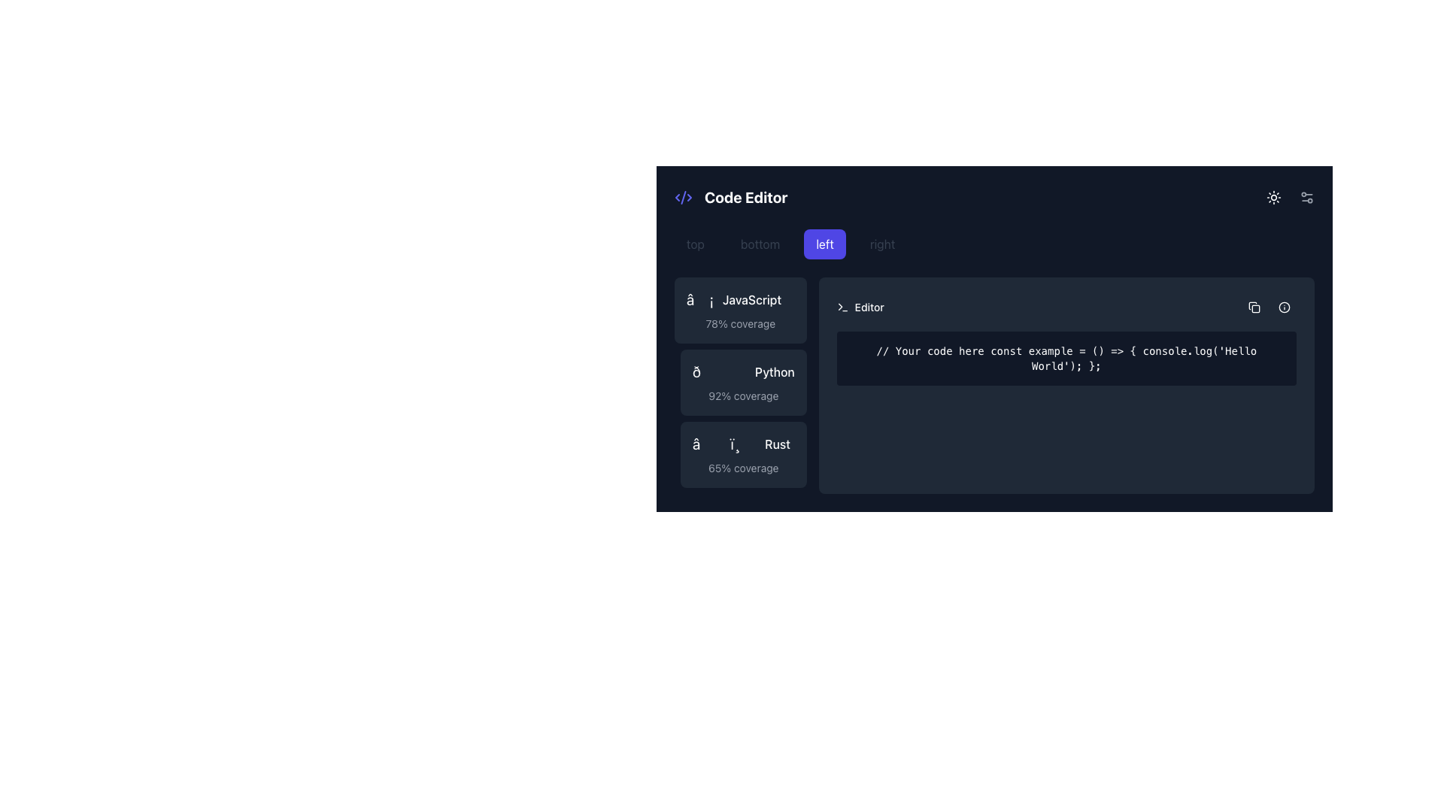 The height and width of the screenshot is (812, 1444). What do you see at coordinates (842, 306) in the screenshot?
I see `the small SVG terminal icon located in the toolbar, immediately to the left of the 'Editor' text` at bounding box center [842, 306].